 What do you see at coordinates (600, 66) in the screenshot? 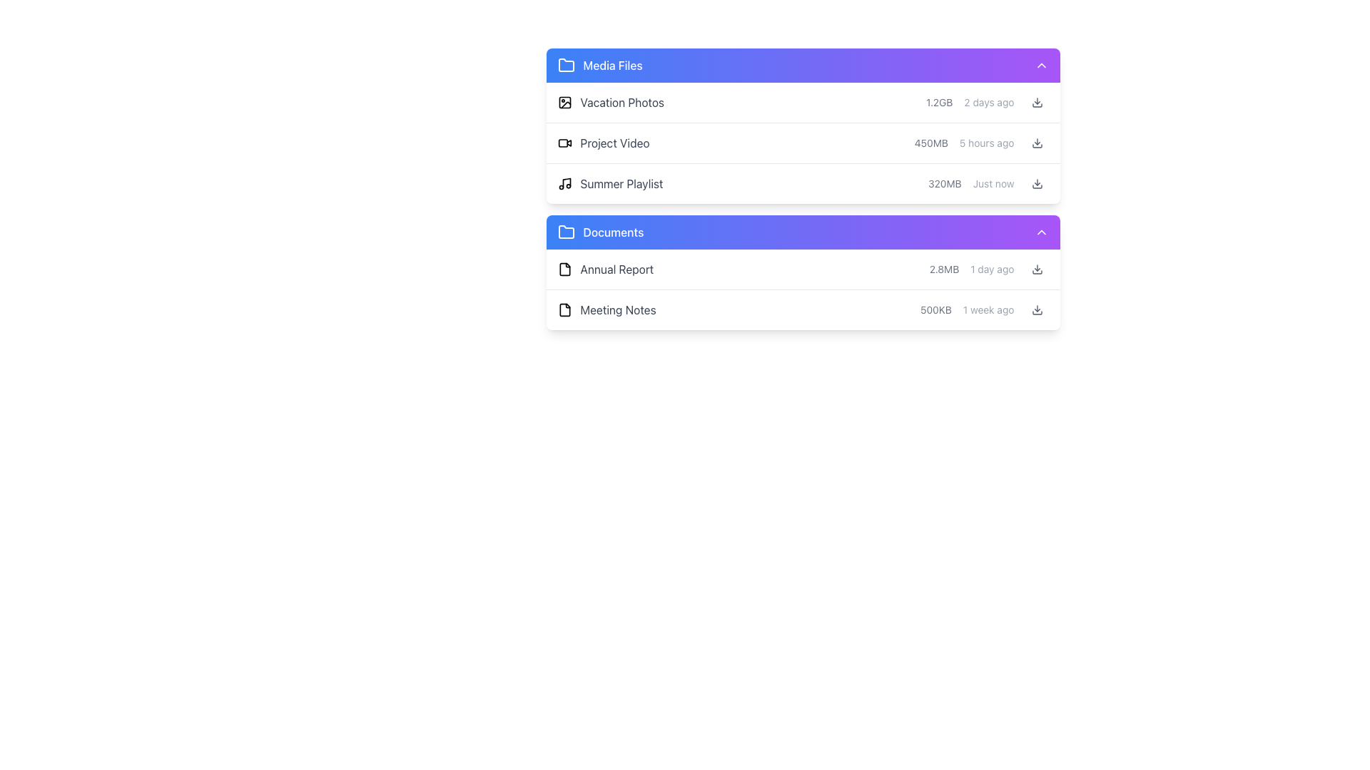
I see `the 'Media Files' label element located at the left side of the gradient header bar, adjacent to the folder icon` at bounding box center [600, 66].